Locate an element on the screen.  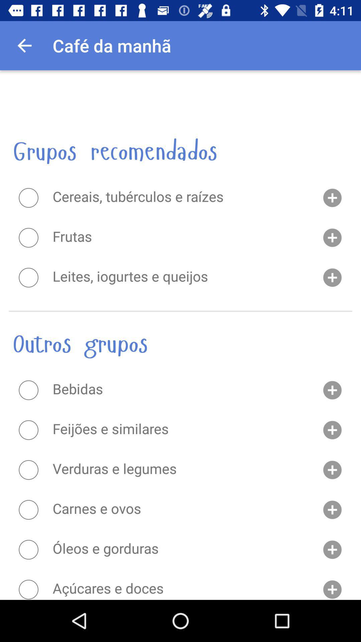
verduras e legumes is located at coordinates (28, 469).